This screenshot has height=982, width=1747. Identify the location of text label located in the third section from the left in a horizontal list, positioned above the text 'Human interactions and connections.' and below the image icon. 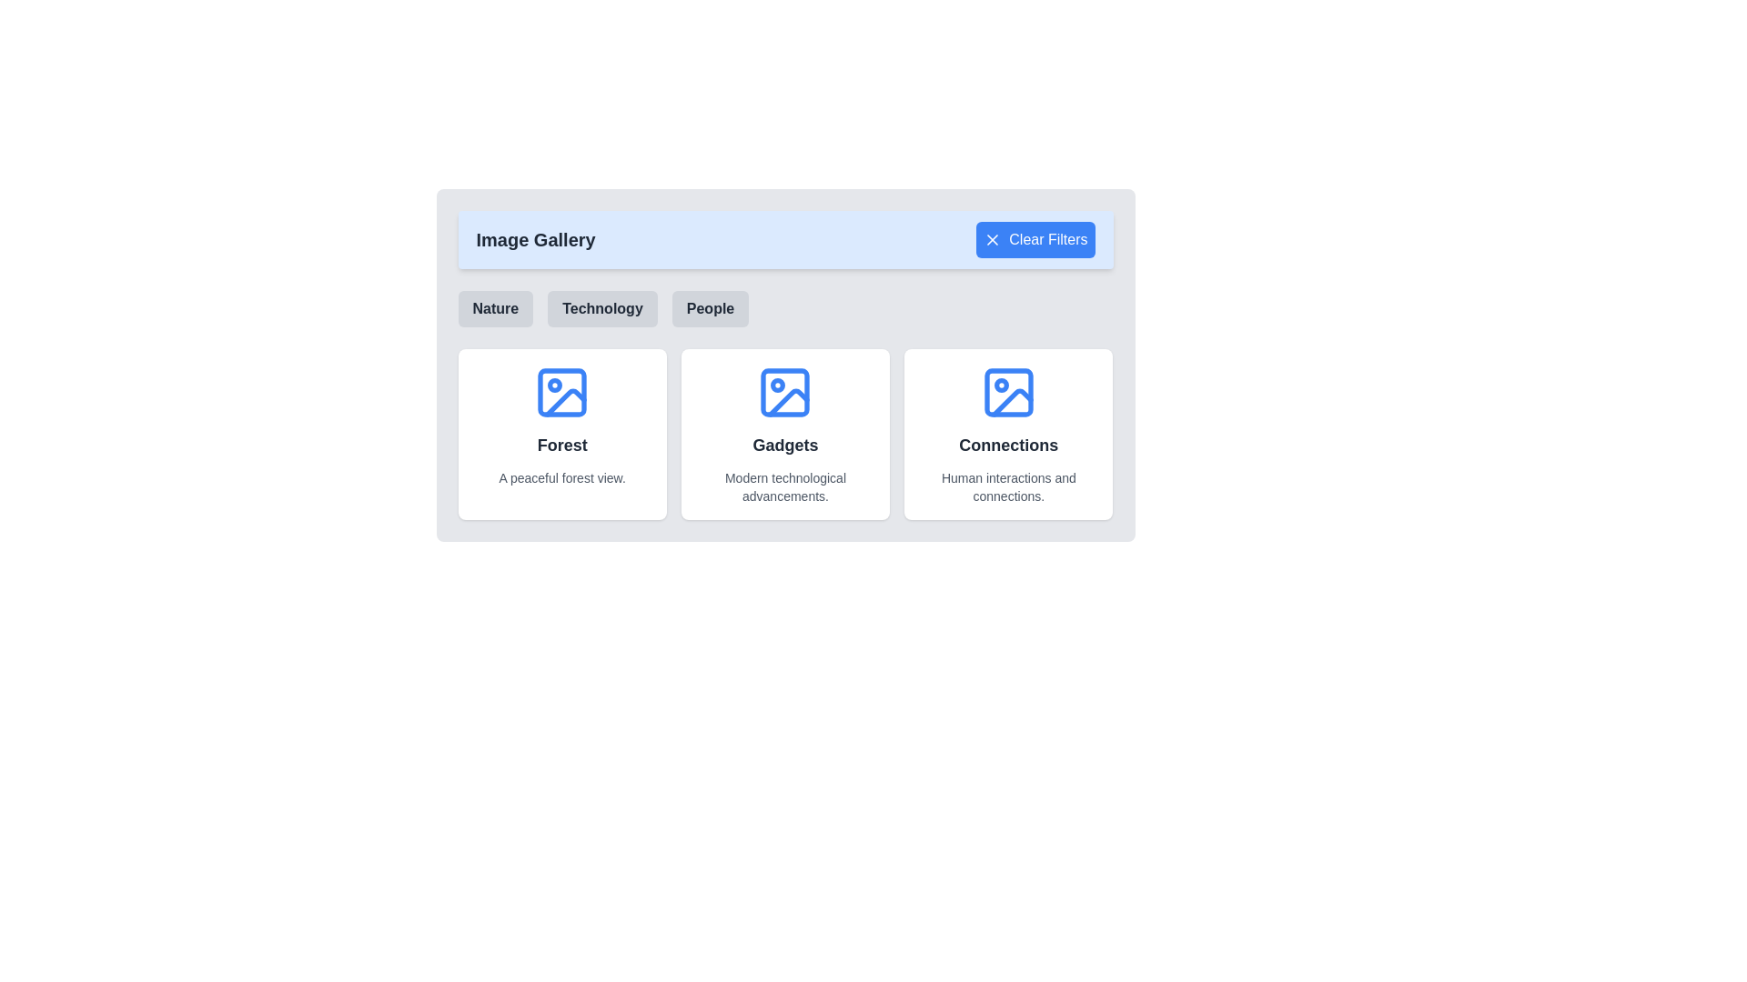
(1007, 445).